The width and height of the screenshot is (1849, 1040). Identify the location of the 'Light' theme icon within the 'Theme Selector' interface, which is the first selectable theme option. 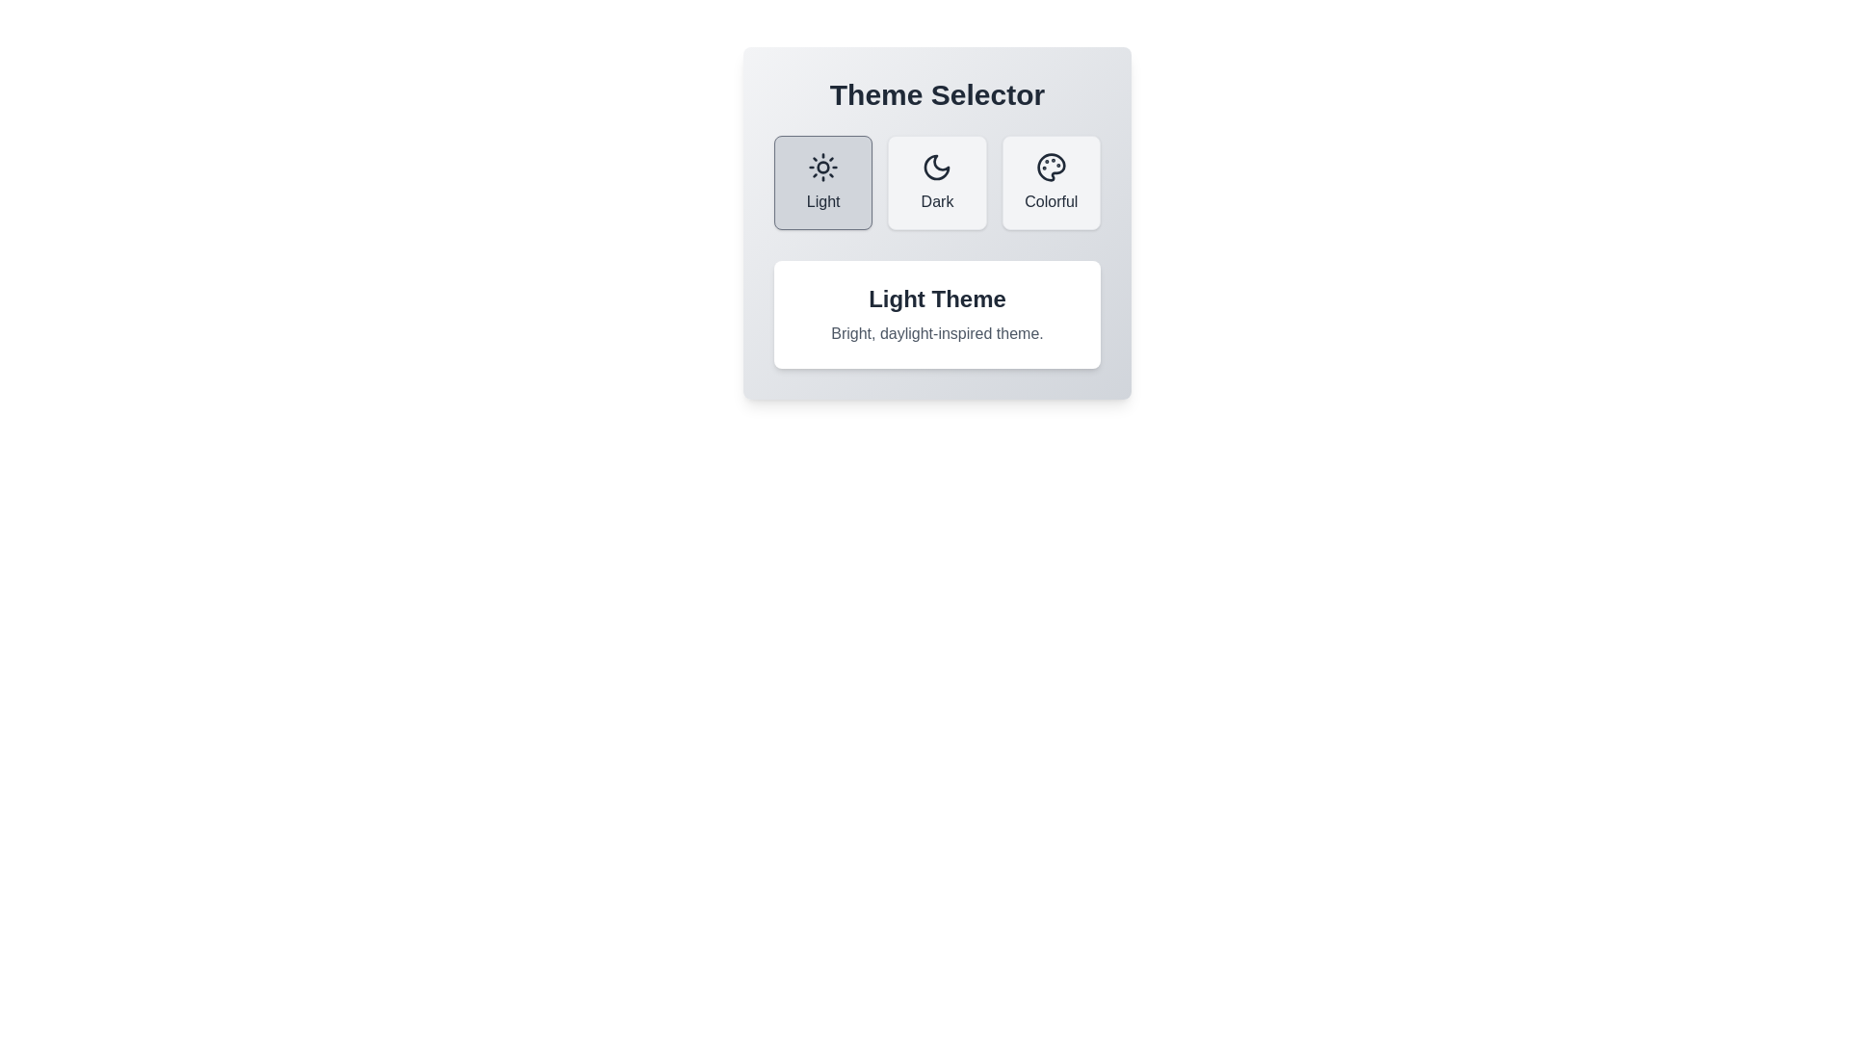
(823, 166).